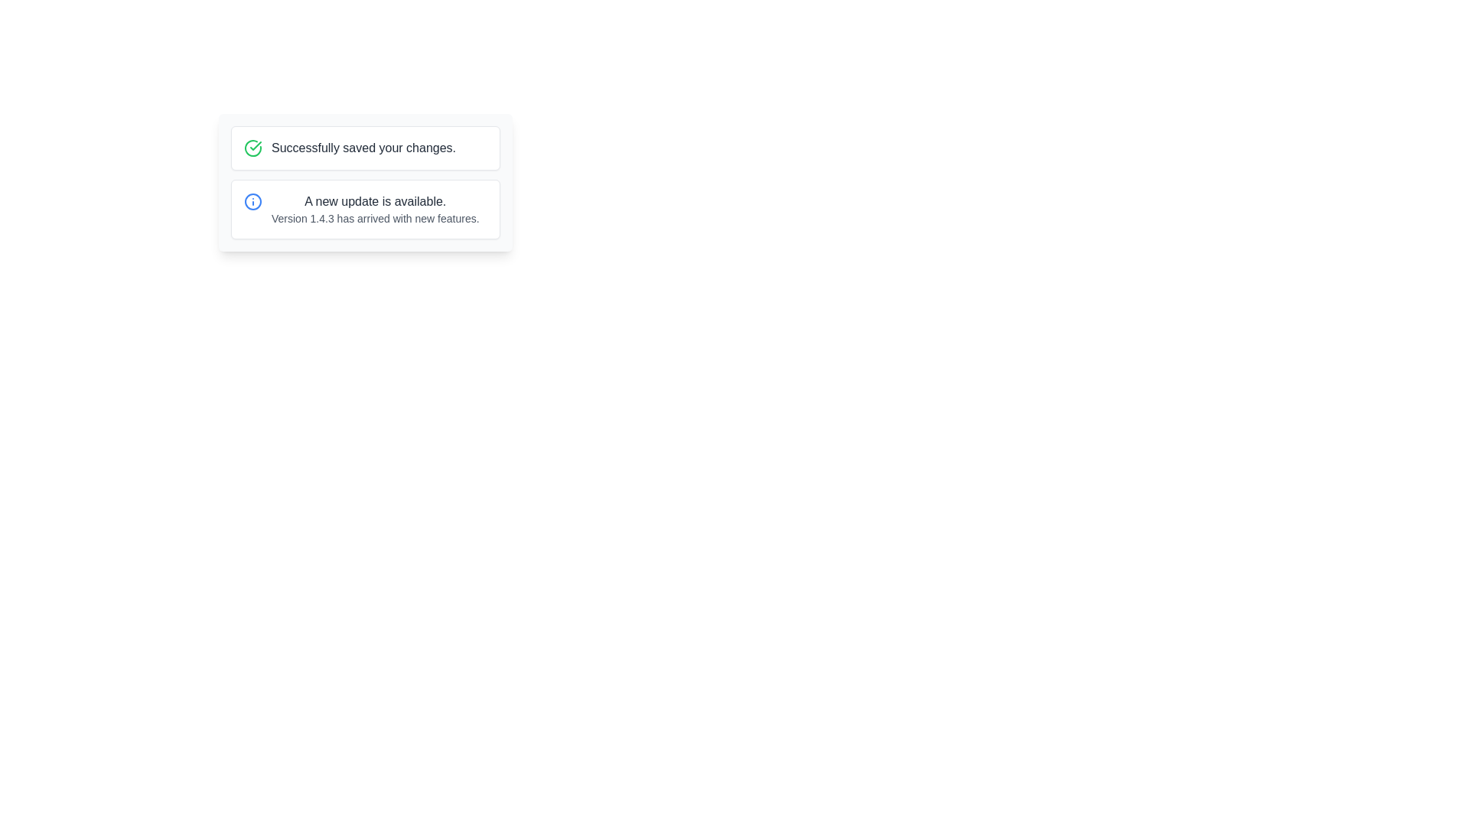  I want to click on the icon next to the notification labeled 'Successfully saved your changes.', so click(253, 148).